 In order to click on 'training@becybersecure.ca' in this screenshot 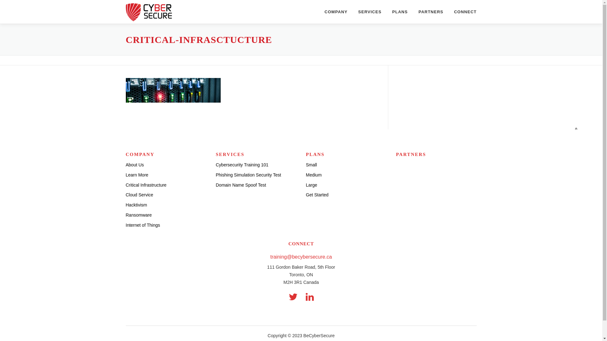, I will do `click(301, 257)`.